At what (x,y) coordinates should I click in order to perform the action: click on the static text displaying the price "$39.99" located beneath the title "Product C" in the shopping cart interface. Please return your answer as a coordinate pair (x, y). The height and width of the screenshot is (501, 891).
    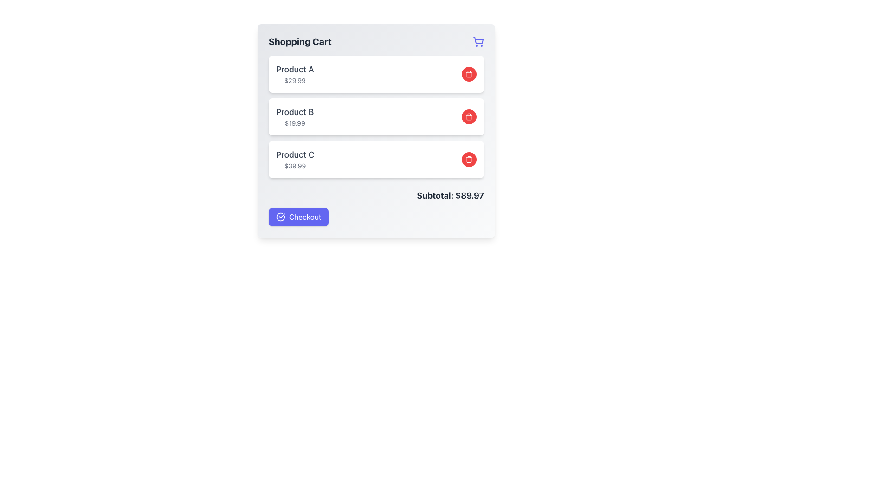
    Looking at the image, I should click on (295, 166).